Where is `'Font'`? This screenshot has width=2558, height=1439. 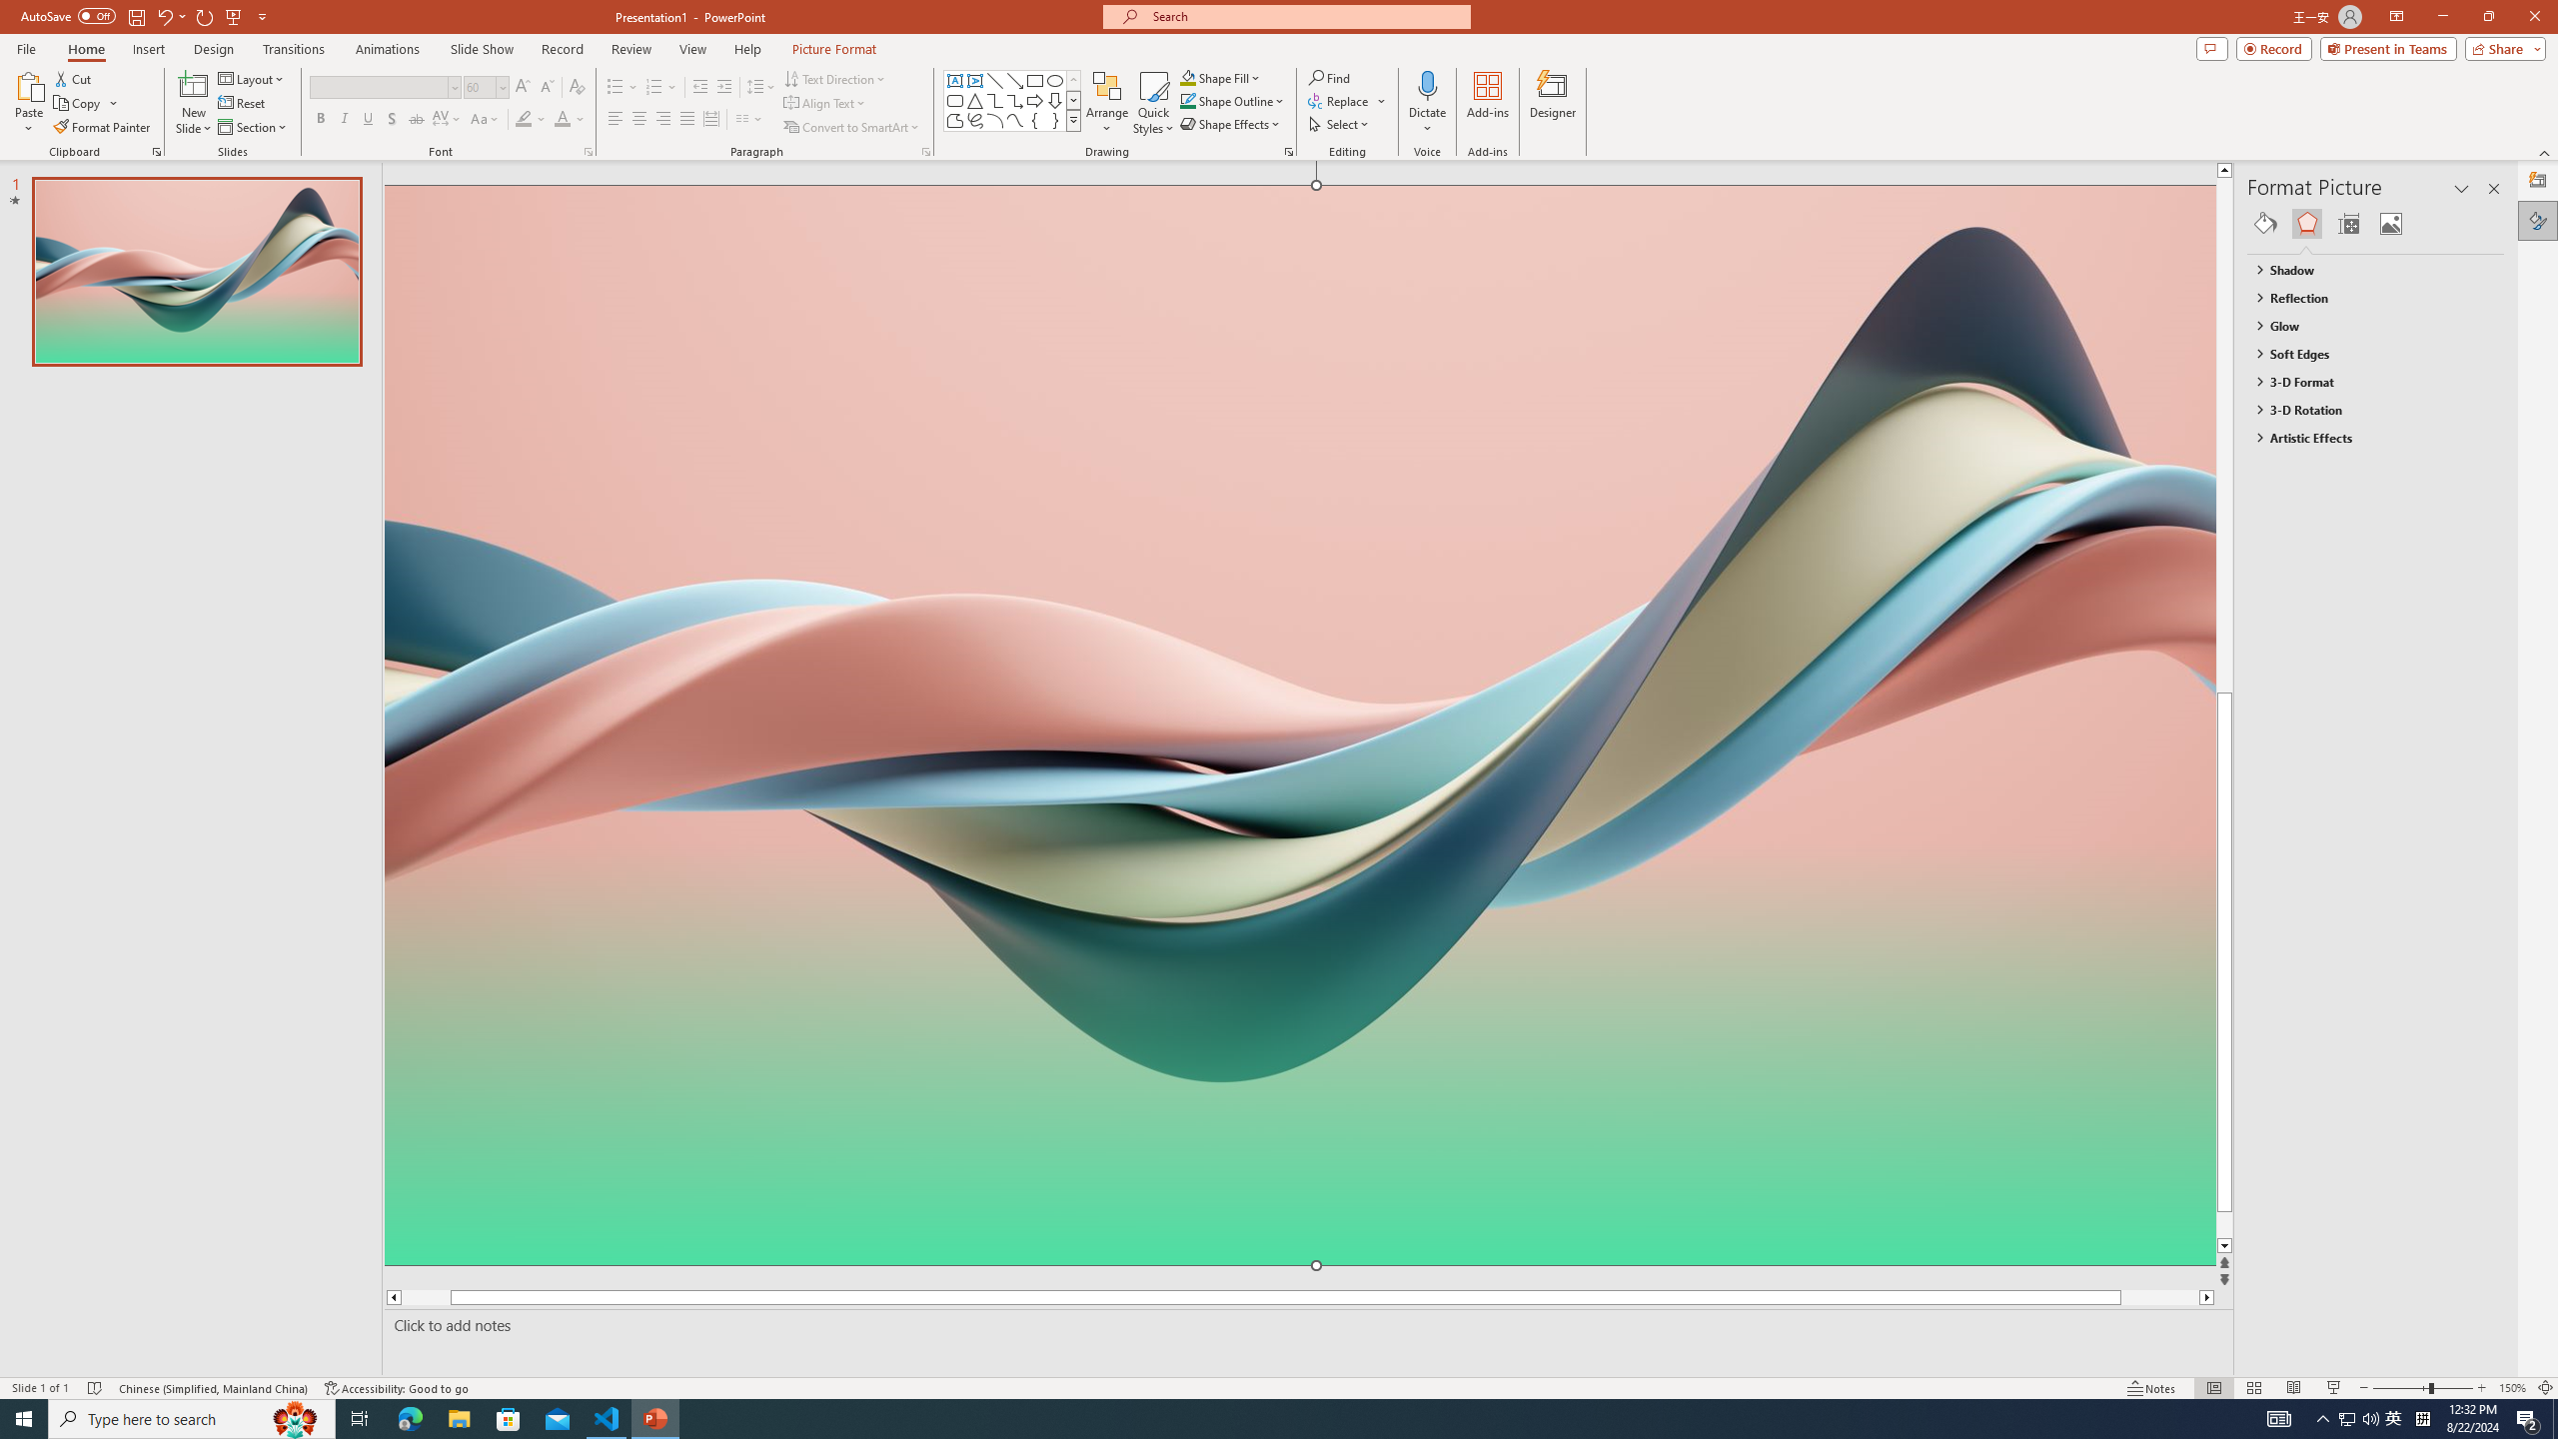 'Font' is located at coordinates (378, 87).